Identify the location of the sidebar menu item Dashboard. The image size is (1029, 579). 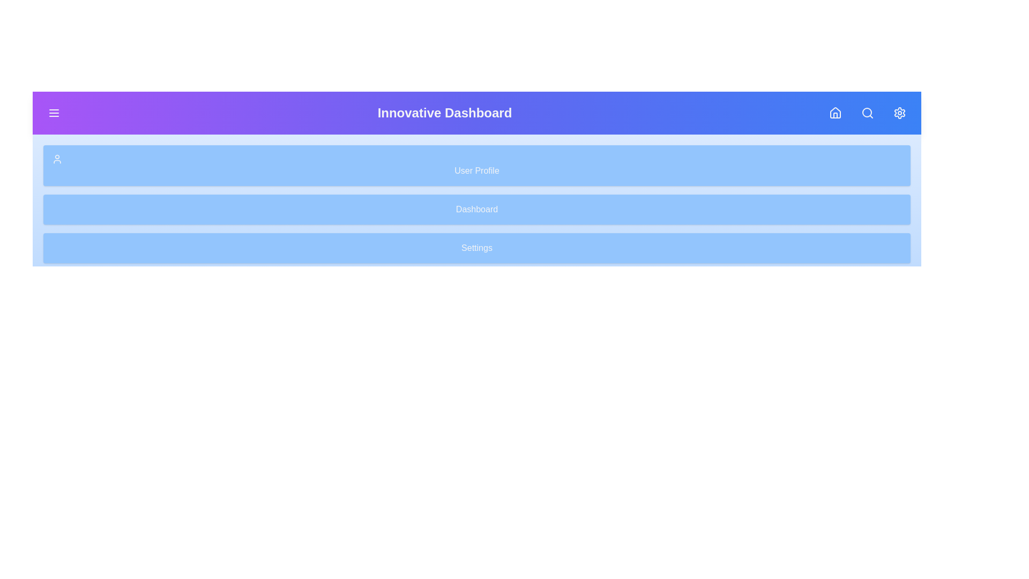
(476, 209).